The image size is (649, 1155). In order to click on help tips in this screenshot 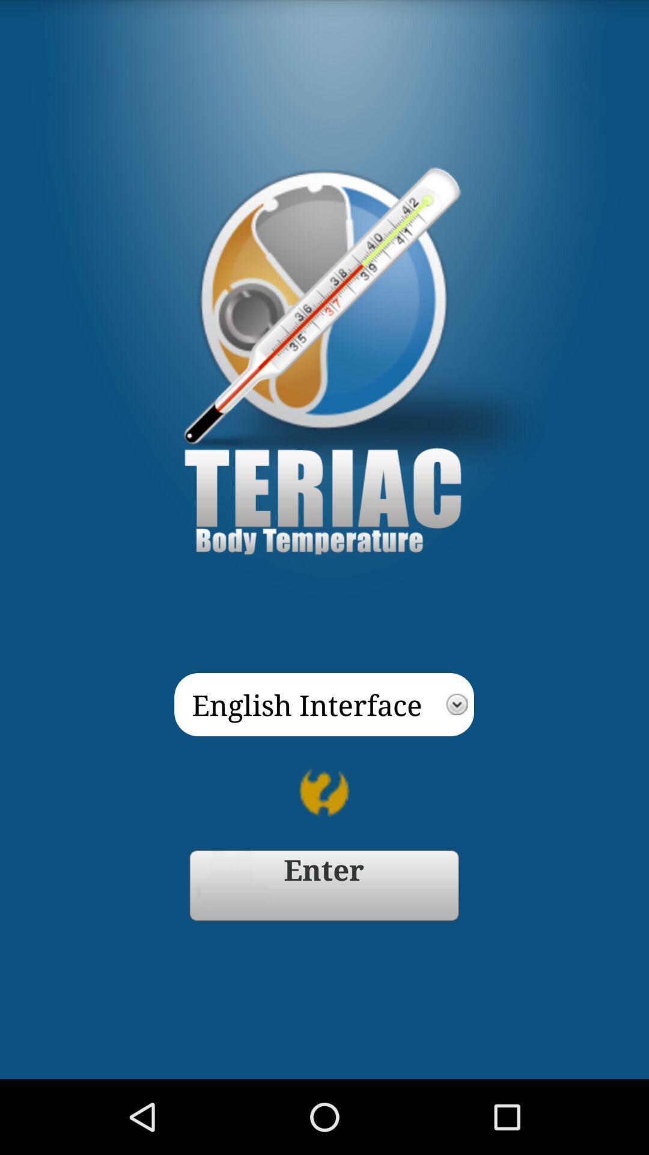, I will do `click(324, 793)`.